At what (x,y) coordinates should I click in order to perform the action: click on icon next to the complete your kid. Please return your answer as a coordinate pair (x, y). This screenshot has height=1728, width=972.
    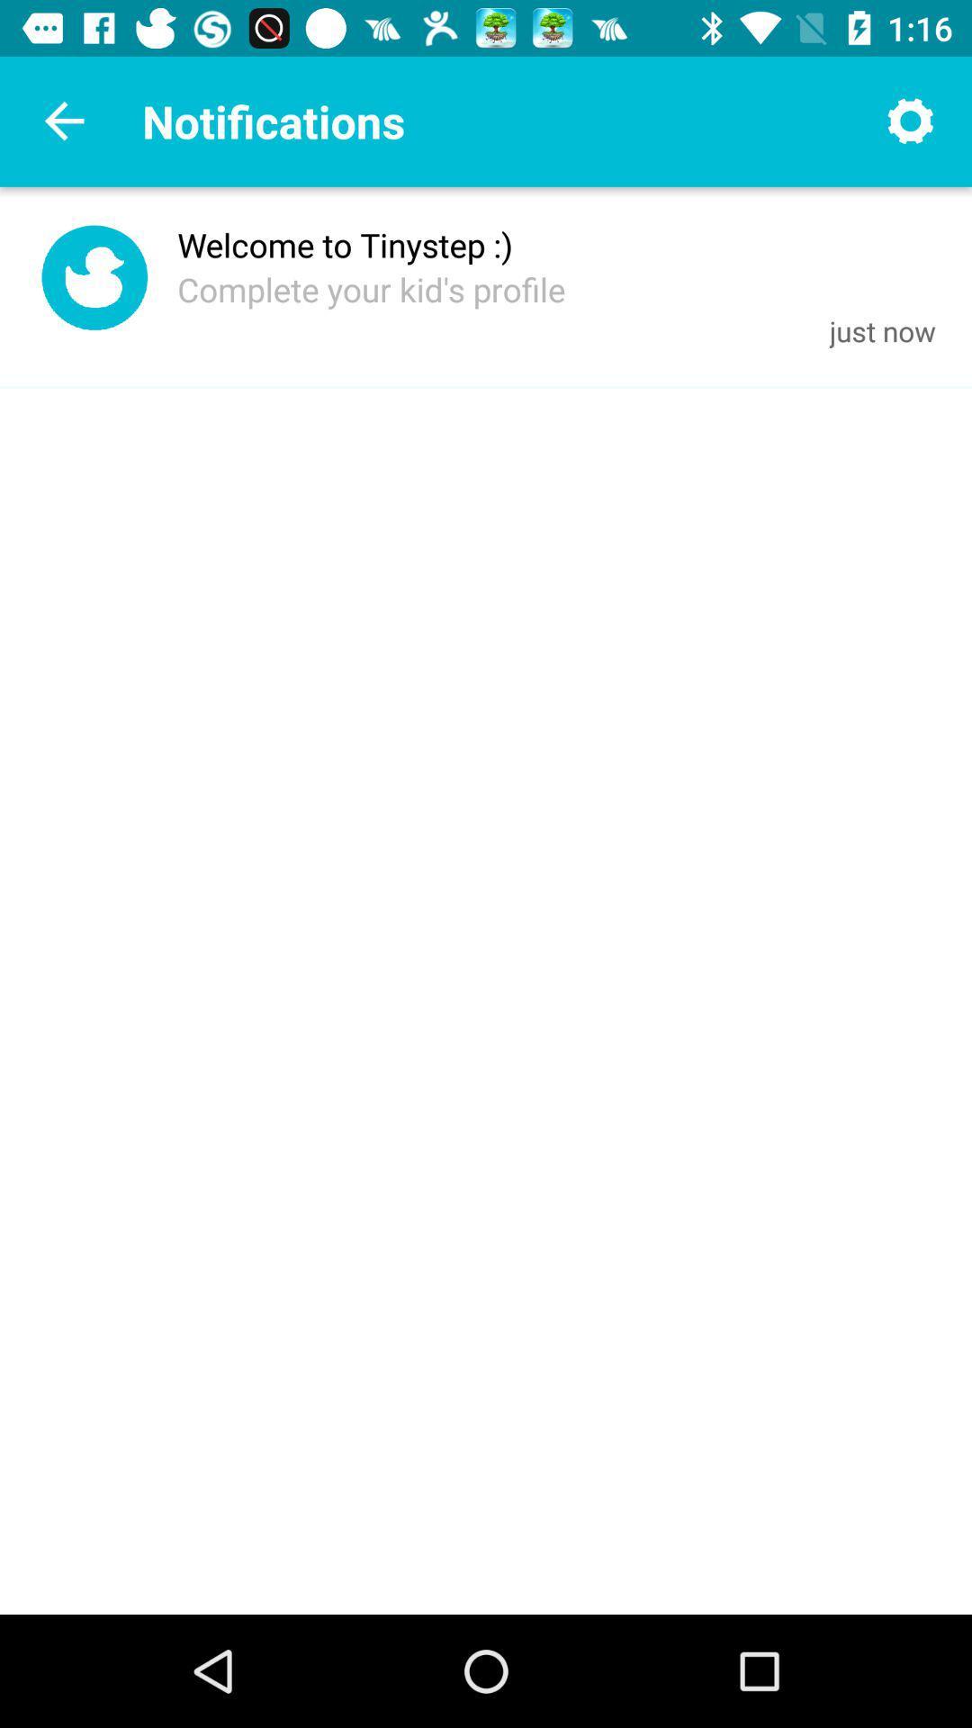
    Looking at the image, I should click on (881, 330).